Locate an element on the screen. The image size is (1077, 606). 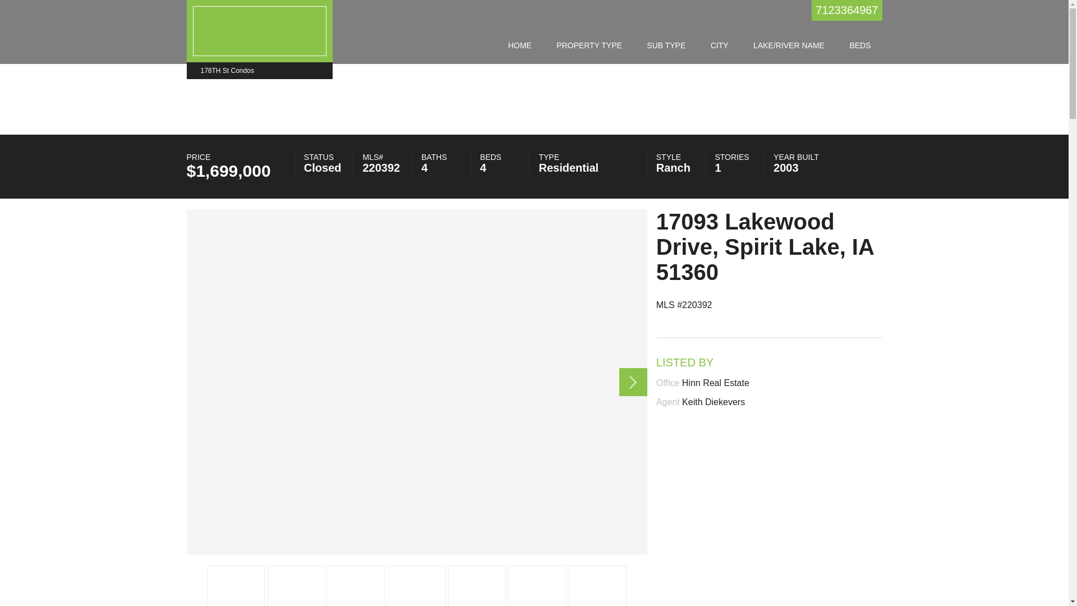
'178th St Condos - 178TH St Condos' is located at coordinates (259, 28).